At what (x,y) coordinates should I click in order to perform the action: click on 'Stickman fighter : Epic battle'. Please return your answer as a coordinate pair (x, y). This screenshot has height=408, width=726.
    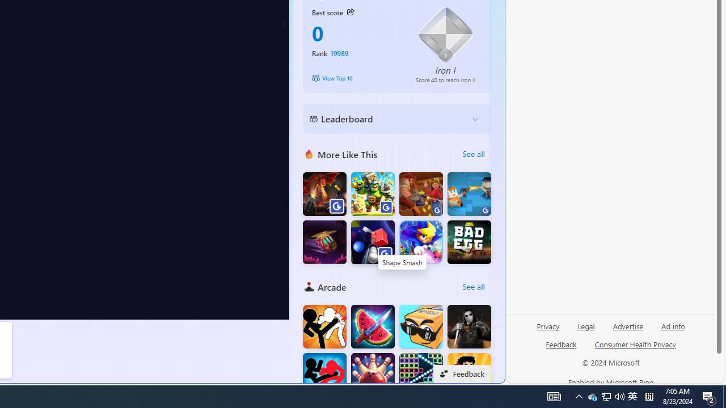
    Looking at the image, I should click on (324, 375).